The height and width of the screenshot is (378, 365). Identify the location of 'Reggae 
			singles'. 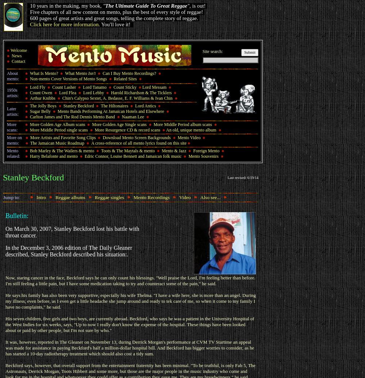
(109, 197).